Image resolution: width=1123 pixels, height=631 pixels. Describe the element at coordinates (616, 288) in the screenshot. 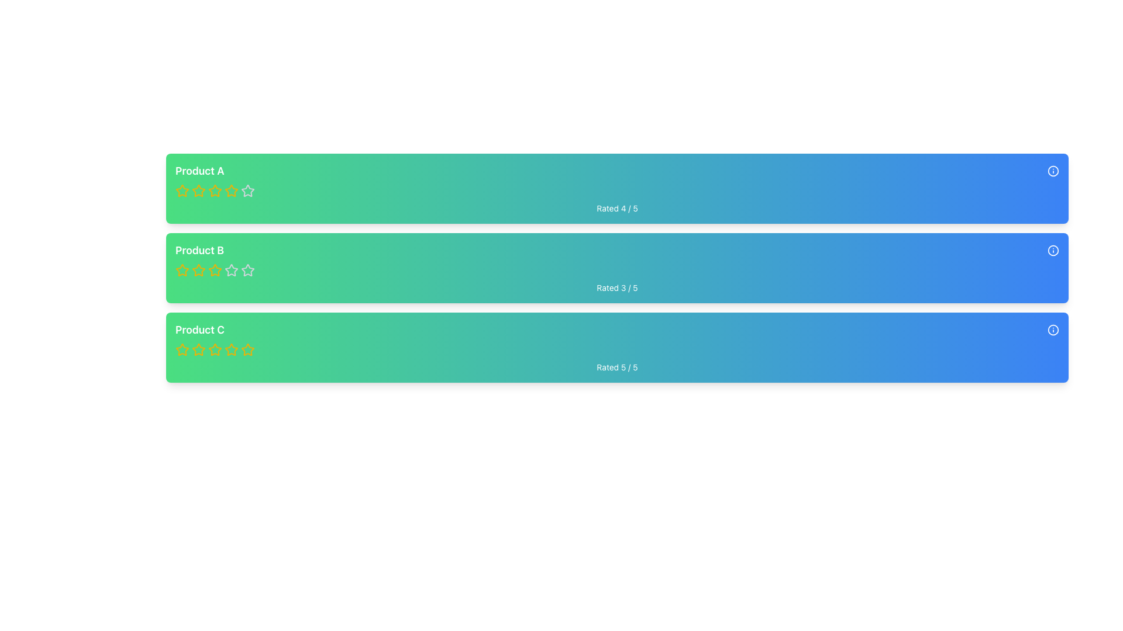

I see `the Text Label that represents the rating of 'Product B', located below the star rating and centered horizontally at the bottom of the component` at that location.